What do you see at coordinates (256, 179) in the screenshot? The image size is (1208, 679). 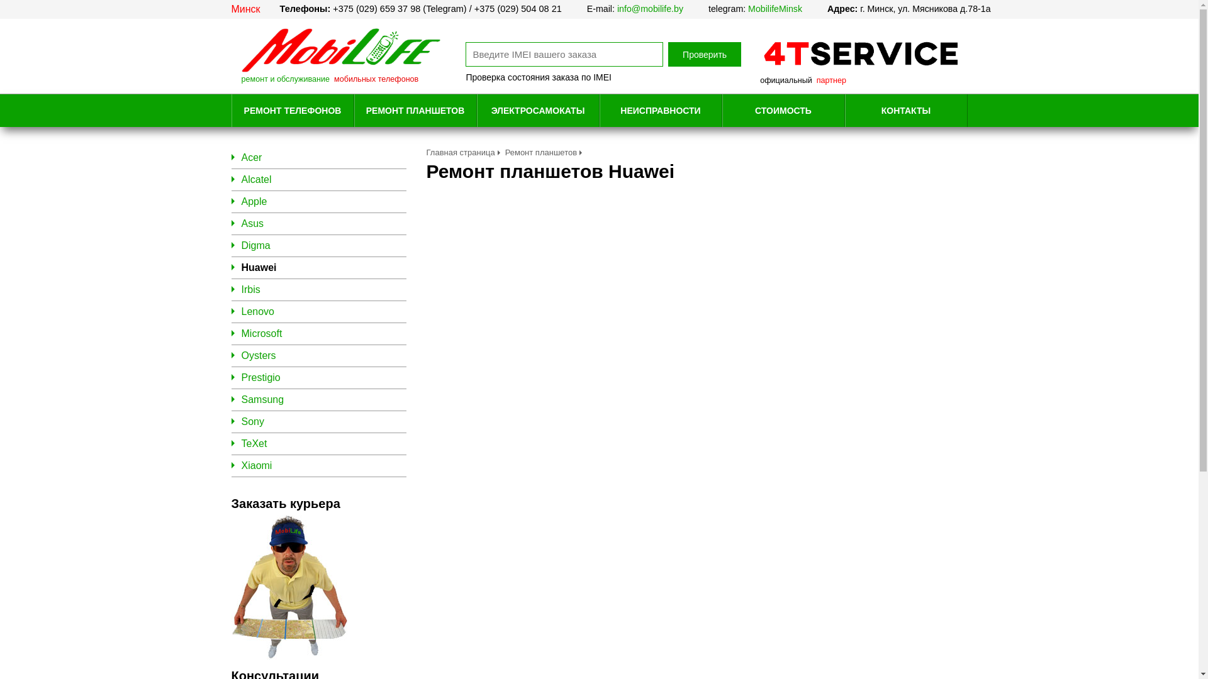 I see `'Alcatel'` at bounding box center [256, 179].